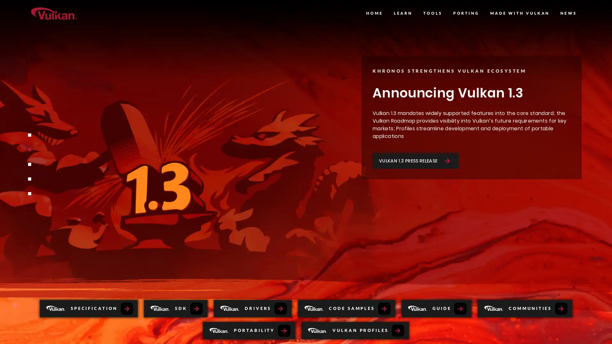 The height and width of the screenshot is (344, 612). What do you see at coordinates (29, 193) in the screenshot?
I see `5` at bounding box center [29, 193].